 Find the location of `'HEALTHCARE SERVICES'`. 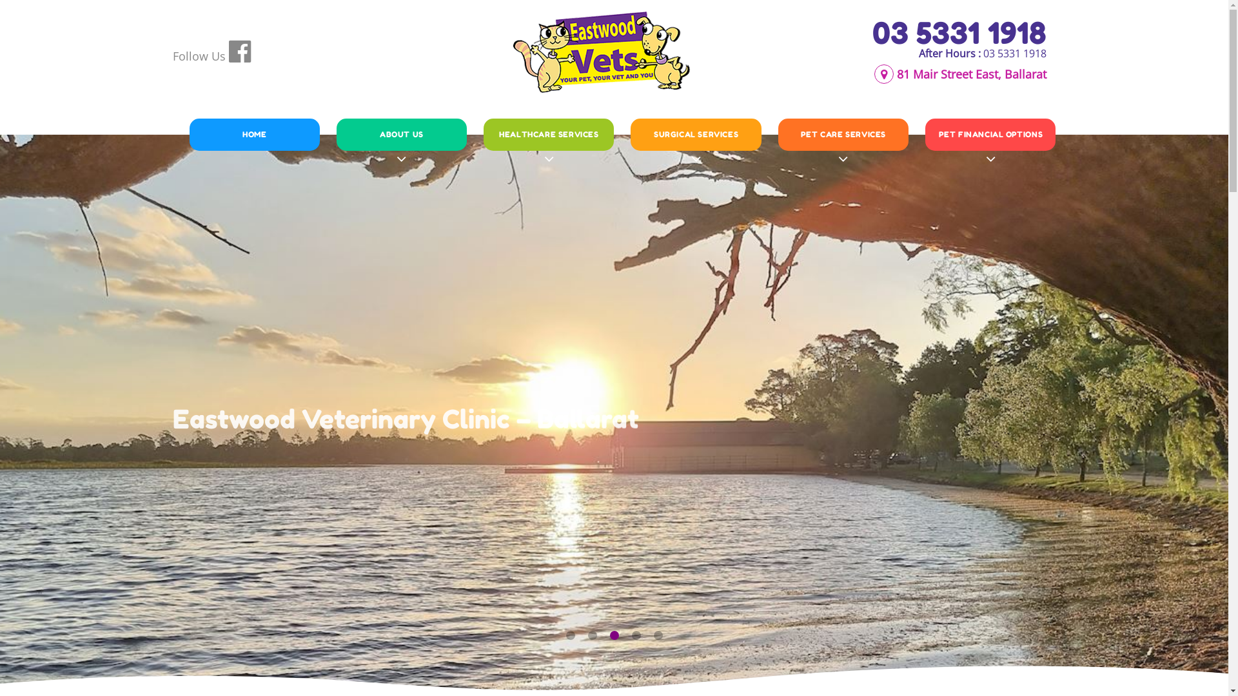

'HEALTHCARE SERVICES' is located at coordinates (548, 134).